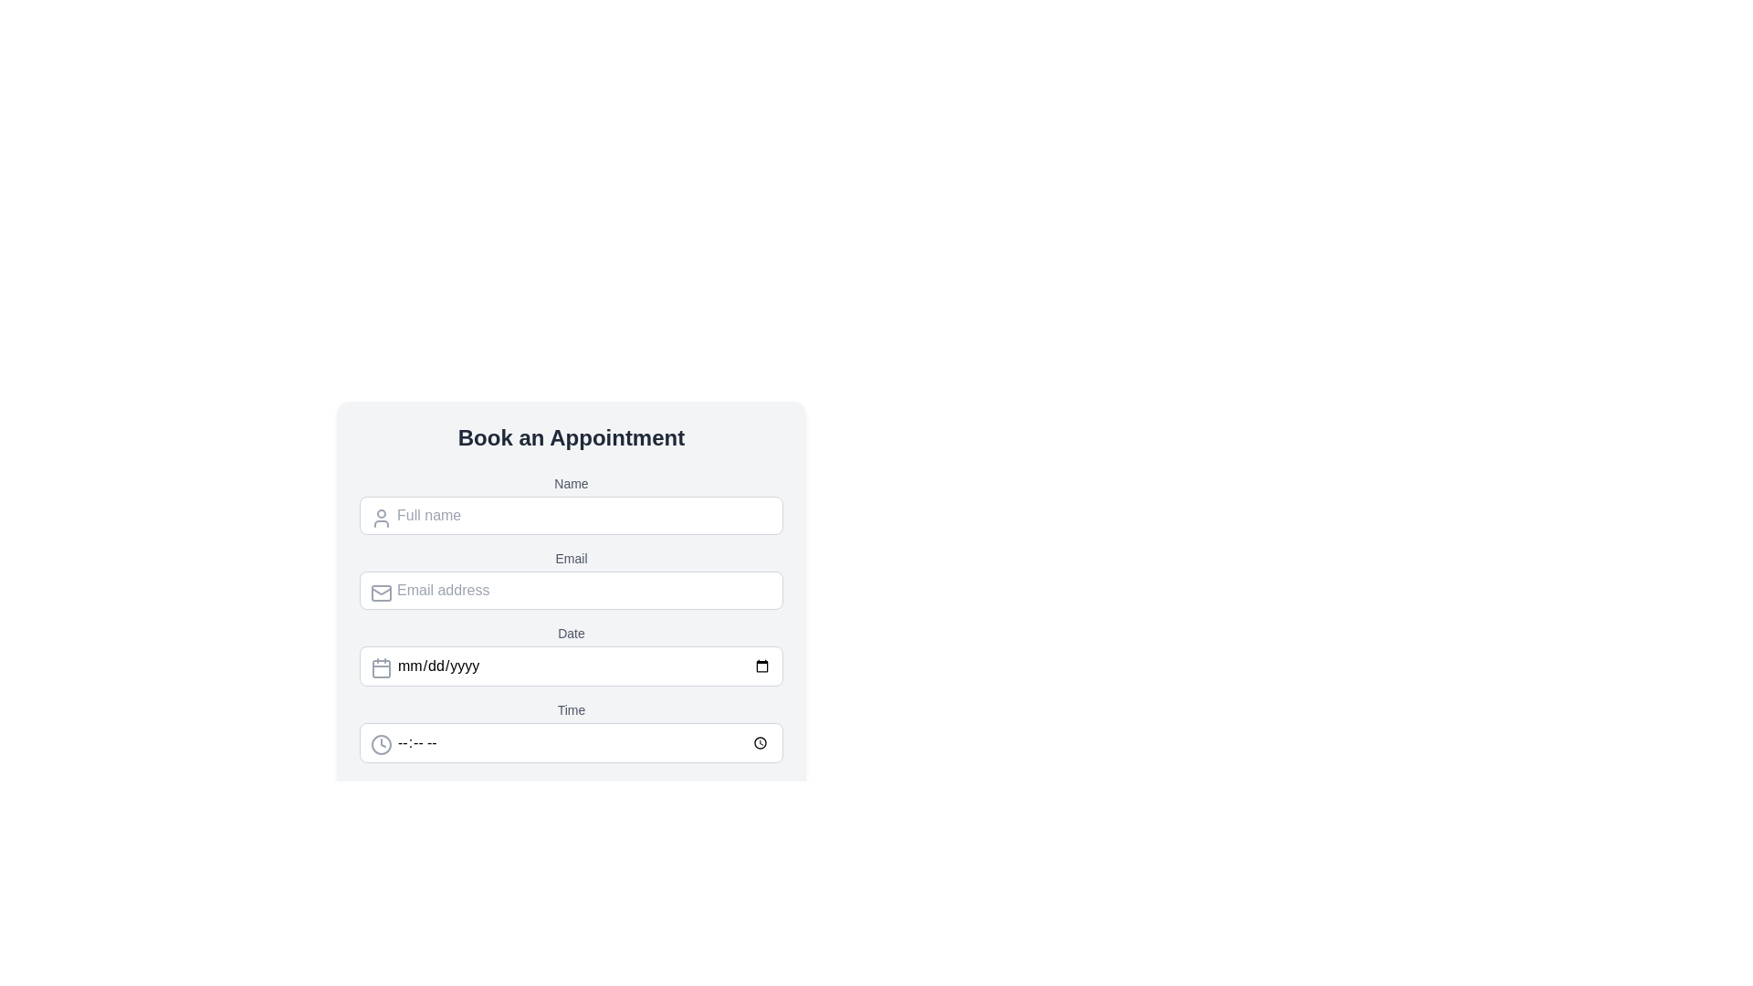  I want to click on the 'Name' text label, which is styled in a smaller font size, medium weight, and gray color, positioned directly above the input field, so click(570, 482).